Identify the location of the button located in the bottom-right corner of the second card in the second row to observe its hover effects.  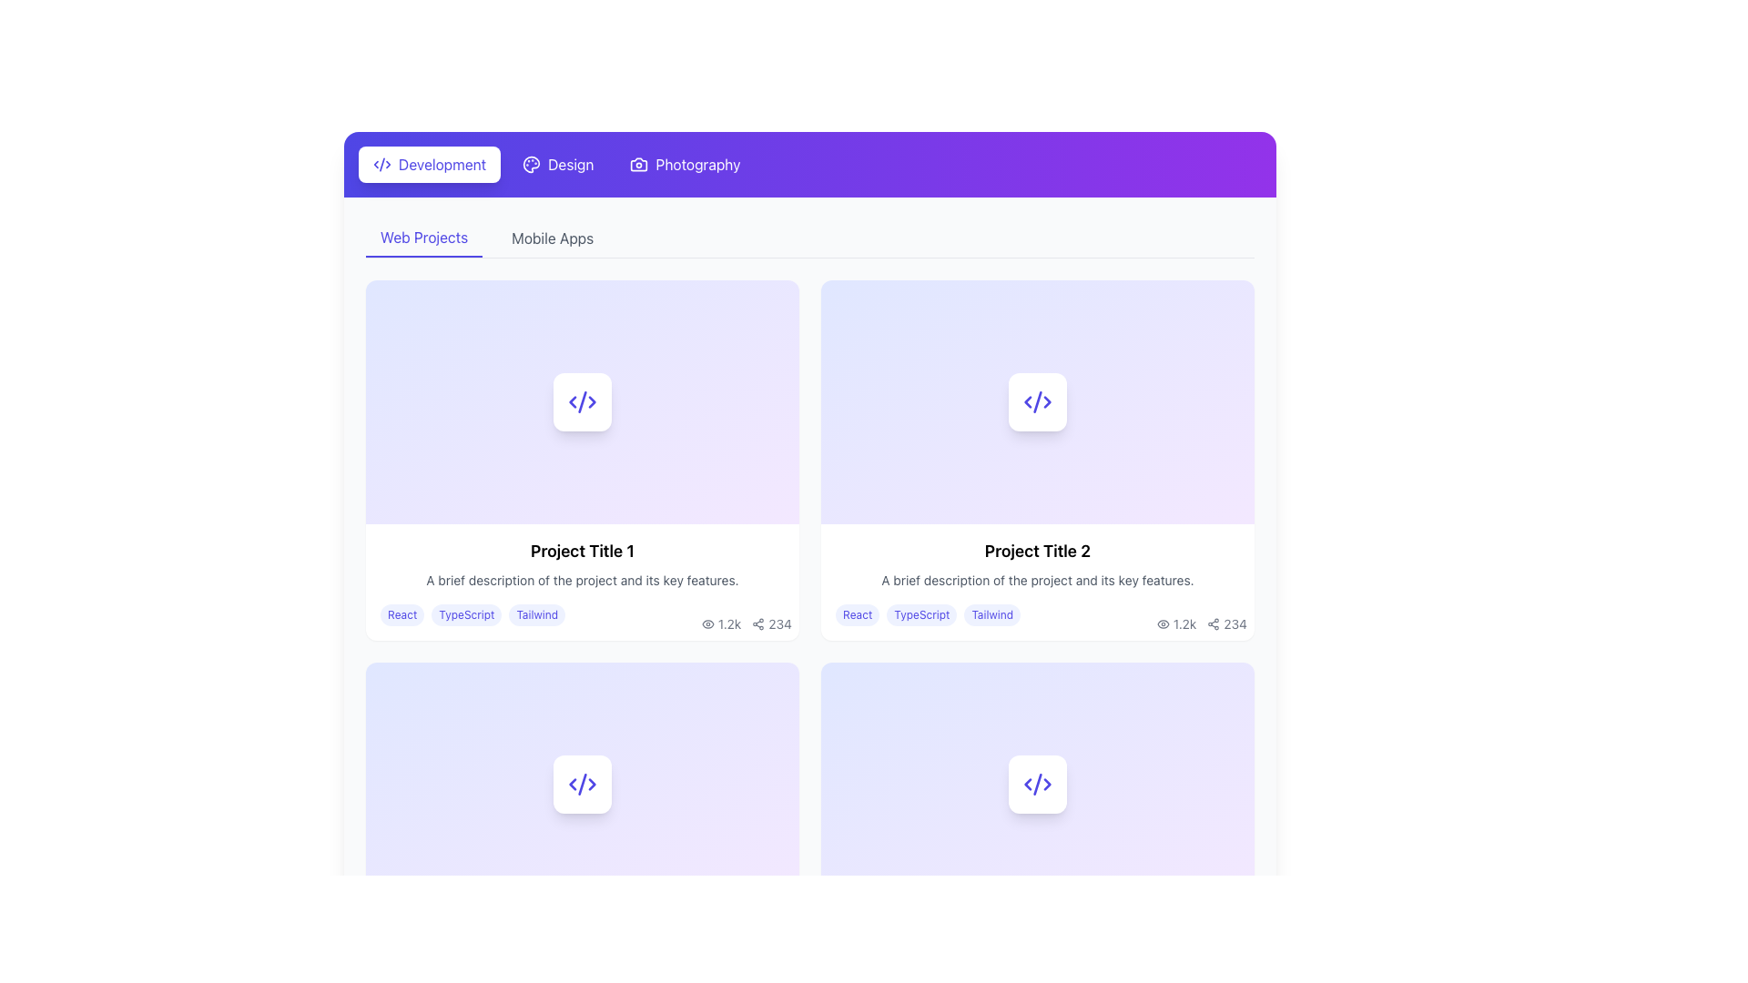
(1196, 684).